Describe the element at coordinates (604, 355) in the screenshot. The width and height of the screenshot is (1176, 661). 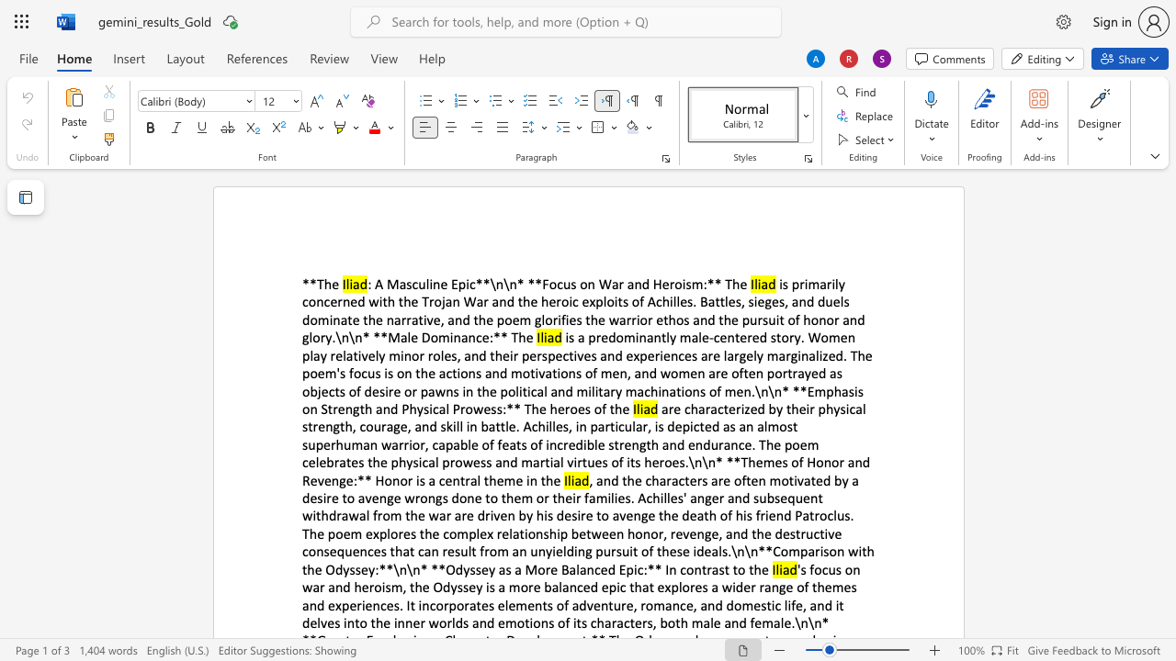
I see `the 7th character "a" in the text` at that location.